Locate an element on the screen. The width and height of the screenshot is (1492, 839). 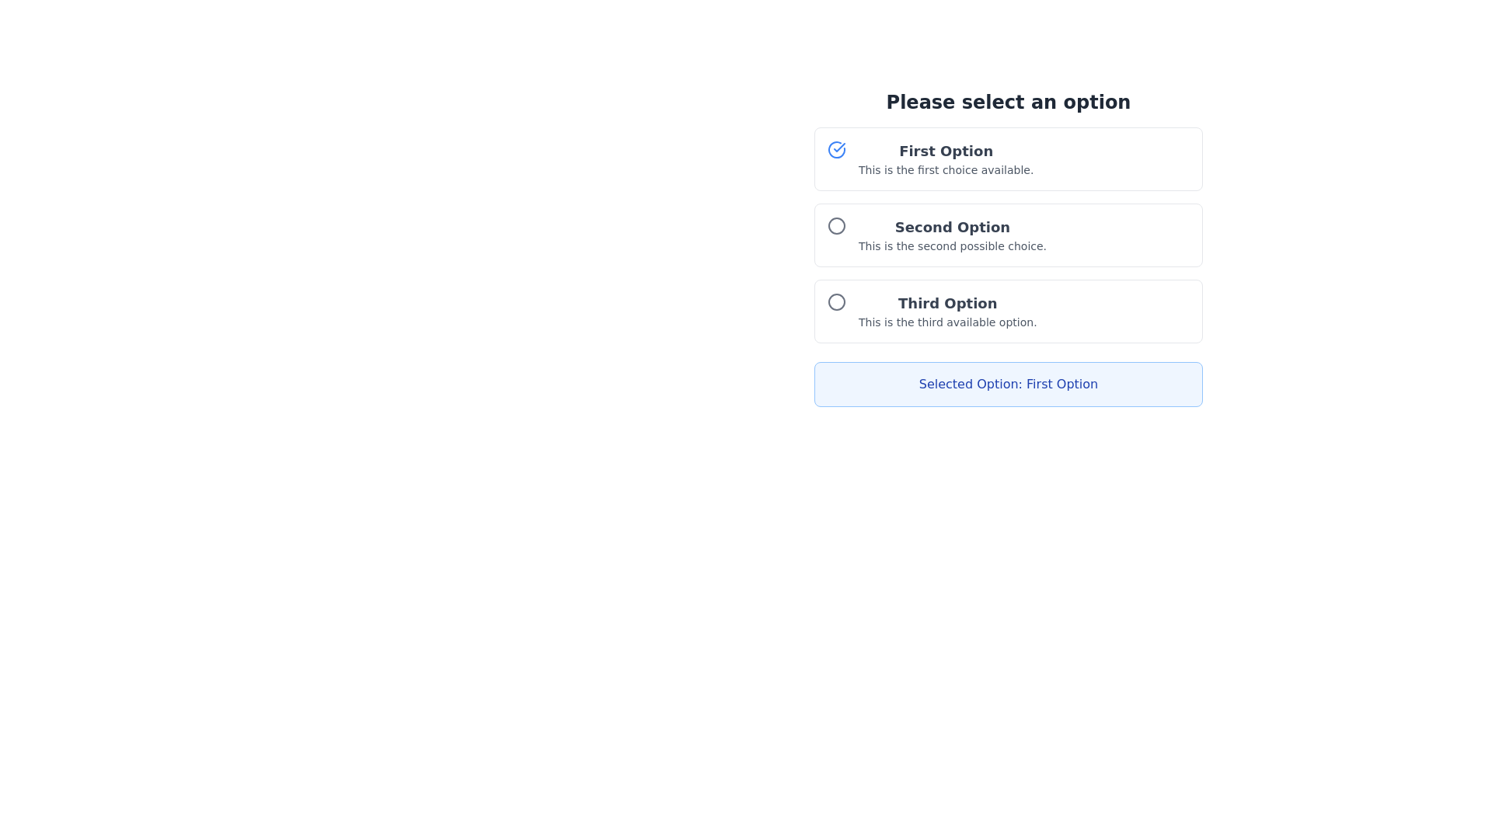
the text label that displays the currently selected option, which is located below the list of selection options and is centered horizontally within a rounded box with a light blue background and a blue border is located at coordinates (1008, 384).